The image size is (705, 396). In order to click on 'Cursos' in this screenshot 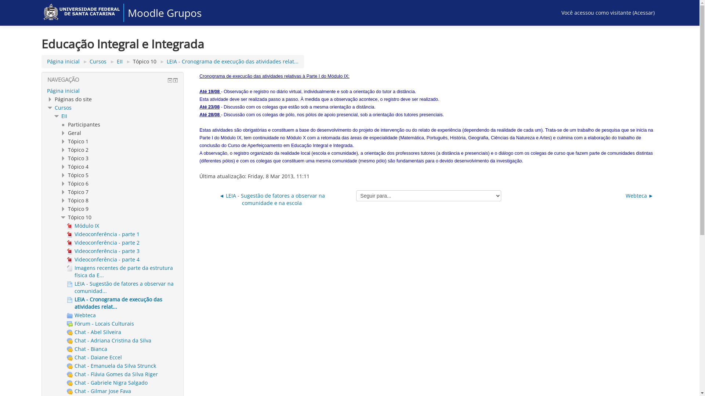, I will do `click(98, 61)`.